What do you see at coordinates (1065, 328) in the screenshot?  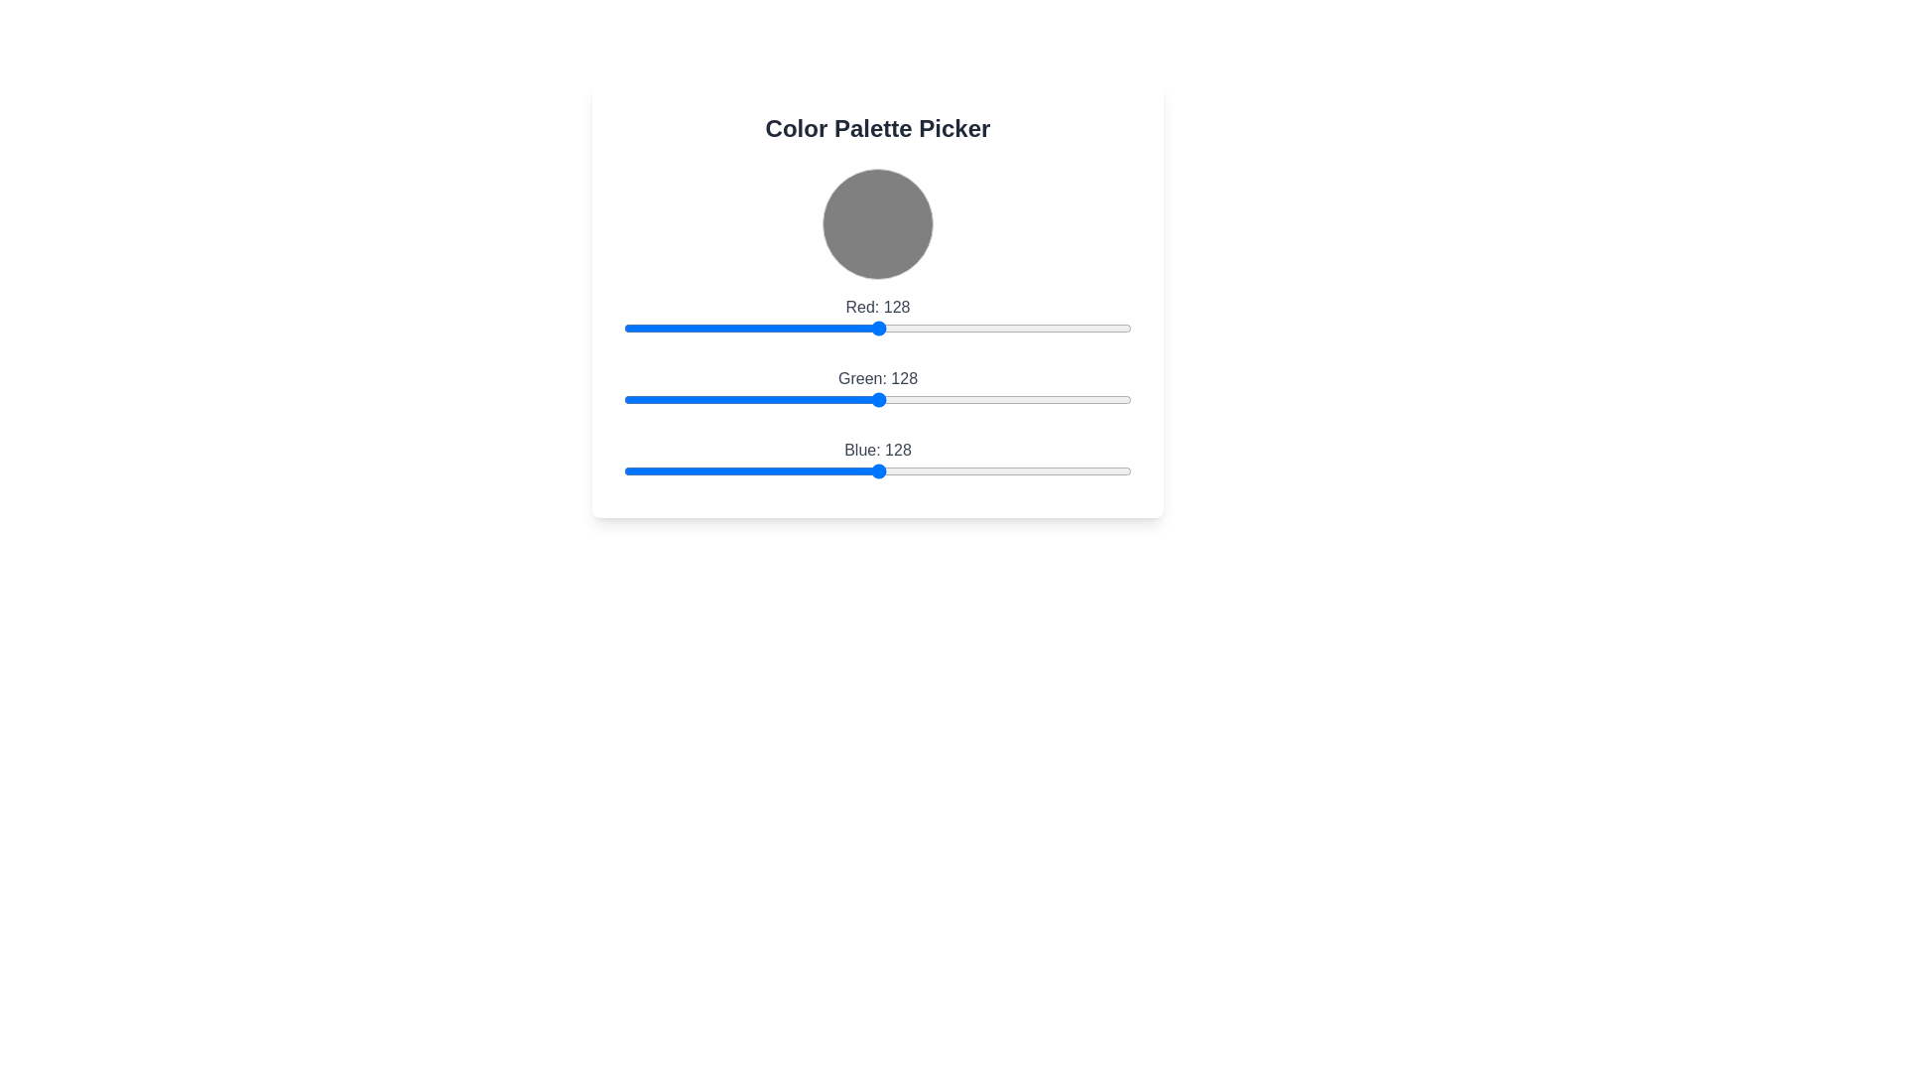 I see `the red color component` at bounding box center [1065, 328].